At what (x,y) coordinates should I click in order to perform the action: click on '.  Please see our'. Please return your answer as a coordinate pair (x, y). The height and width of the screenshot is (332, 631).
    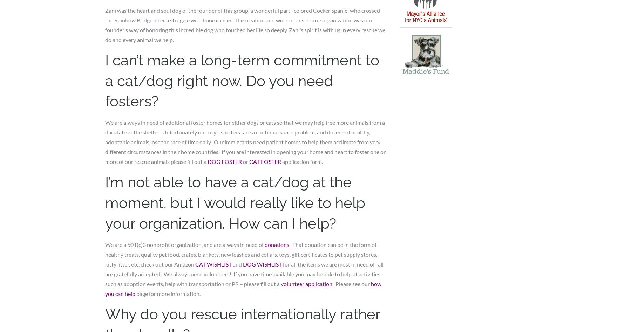
    Looking at the image, I should click on (351, 283).